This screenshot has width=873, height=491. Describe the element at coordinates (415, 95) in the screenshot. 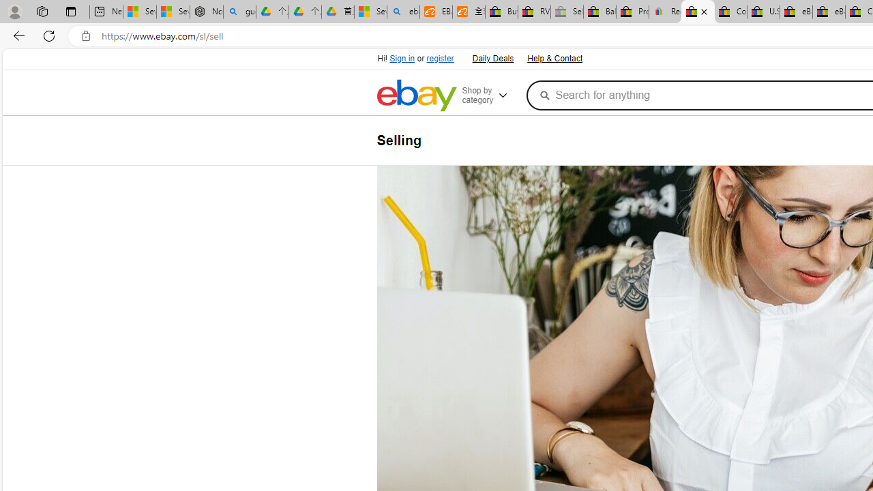

I see `'eBay Home'` at that location.